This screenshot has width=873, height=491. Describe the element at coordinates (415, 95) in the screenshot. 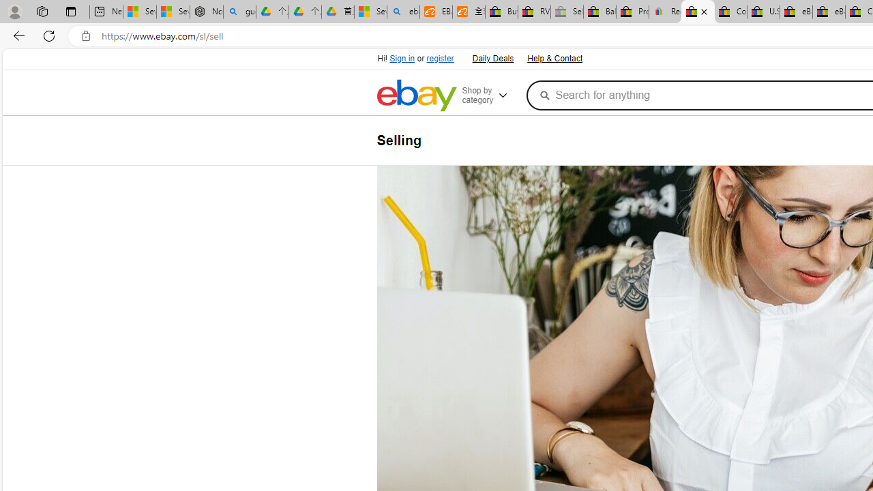

I see `'eBay Home'` at that location.